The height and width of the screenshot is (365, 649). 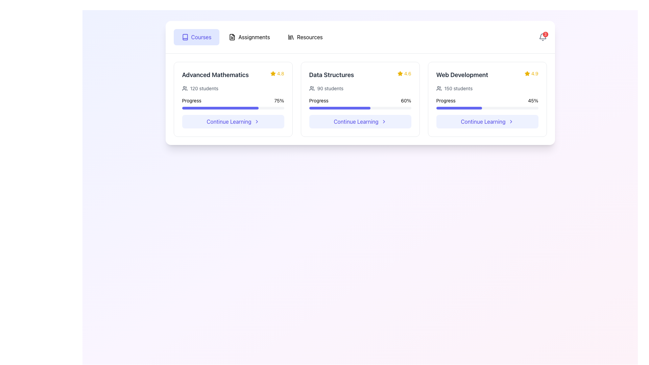 I want to click on the text label that displays the number of students enrolled in the 'Web Development' course, located in the third card of three cards, so click(x=458, y=88).